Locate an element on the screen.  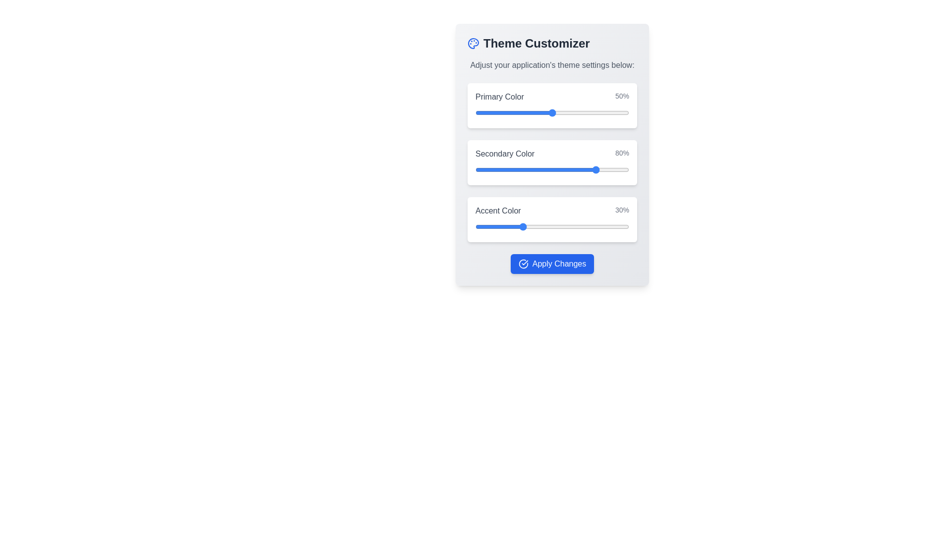
the slider of the 'Secondary Color' range slider with textual support, which displays '80%' and is located between the 'Primary Color' and 'Accent Color' sections in the 'Theme Customizer' is located at coordinates (551, 162).